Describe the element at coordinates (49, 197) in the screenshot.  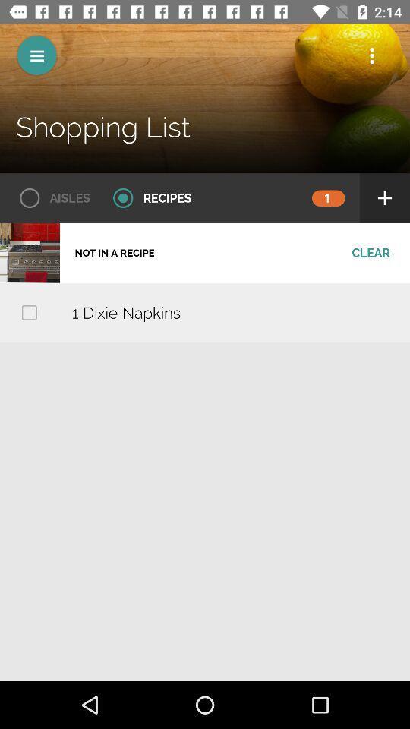
I see `to aisles option` at that location.